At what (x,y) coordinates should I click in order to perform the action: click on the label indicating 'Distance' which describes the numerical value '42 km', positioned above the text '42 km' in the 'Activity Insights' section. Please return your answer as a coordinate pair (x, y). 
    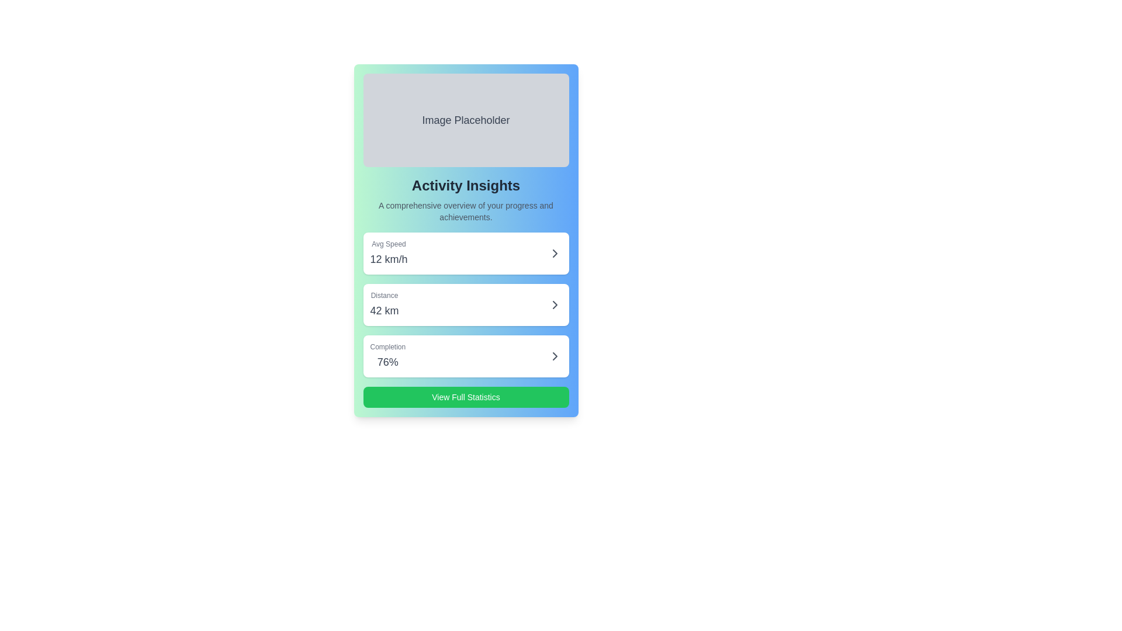
    Looking at the image, I should click on (384, 294).